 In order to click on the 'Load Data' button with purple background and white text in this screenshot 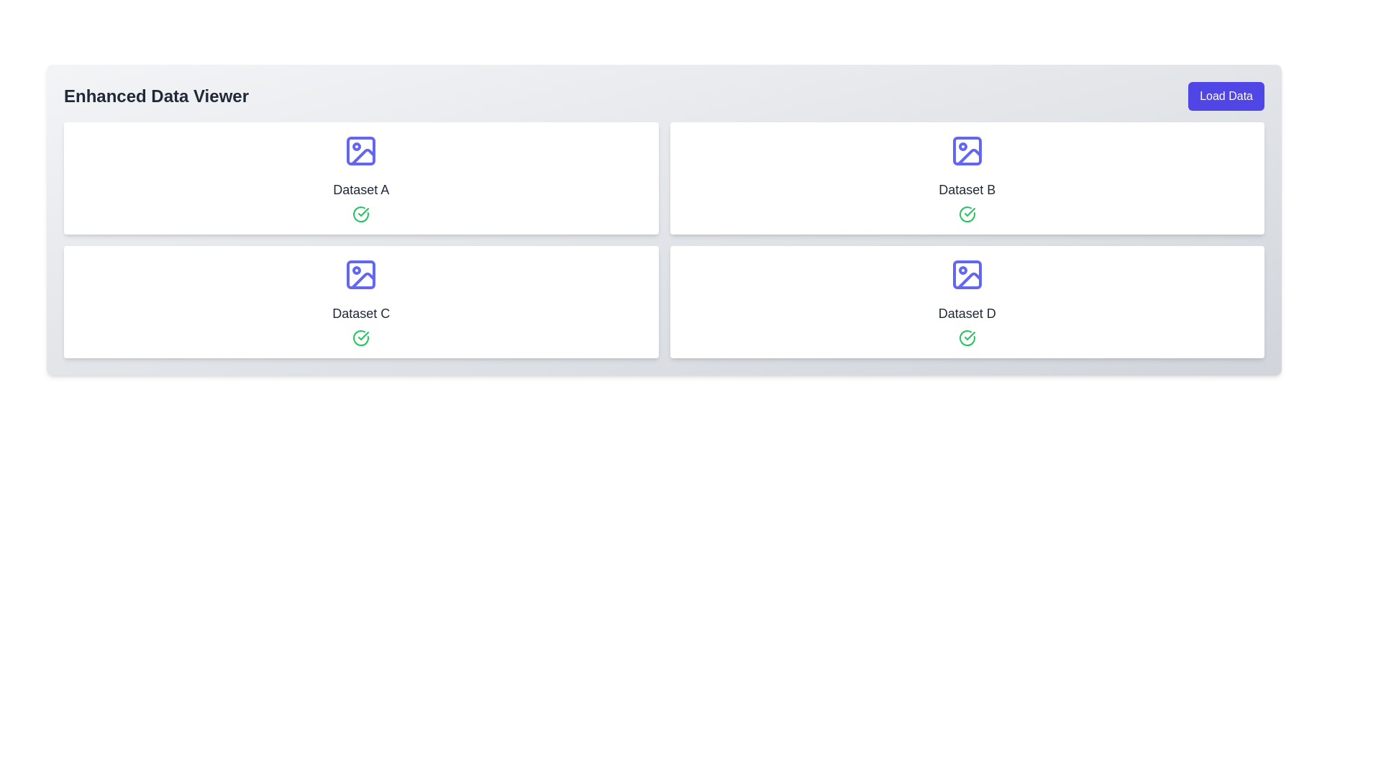, I will do `click(1226, 96)`.